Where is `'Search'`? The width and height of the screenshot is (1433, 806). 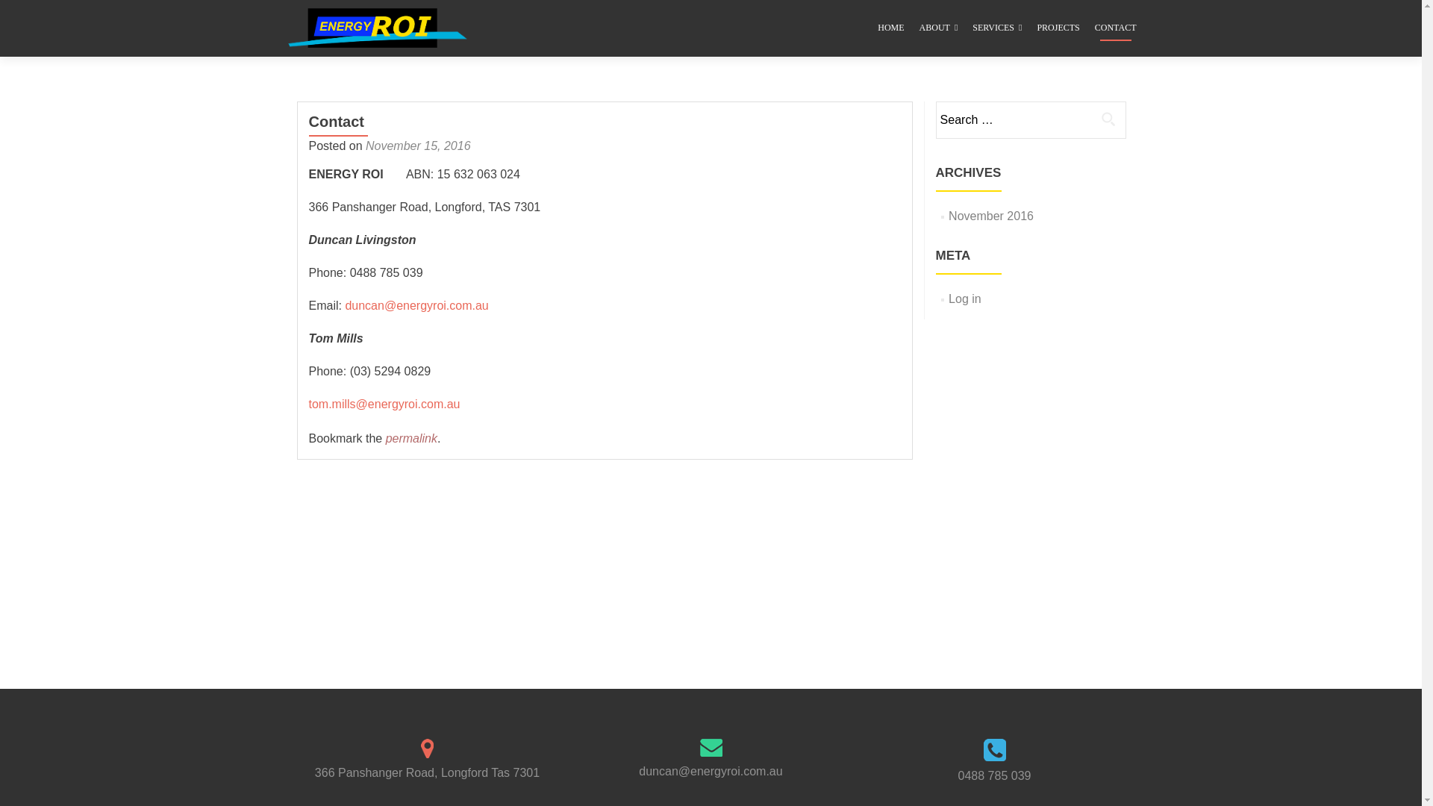
'Search' is located at coordinates (1091, 117).